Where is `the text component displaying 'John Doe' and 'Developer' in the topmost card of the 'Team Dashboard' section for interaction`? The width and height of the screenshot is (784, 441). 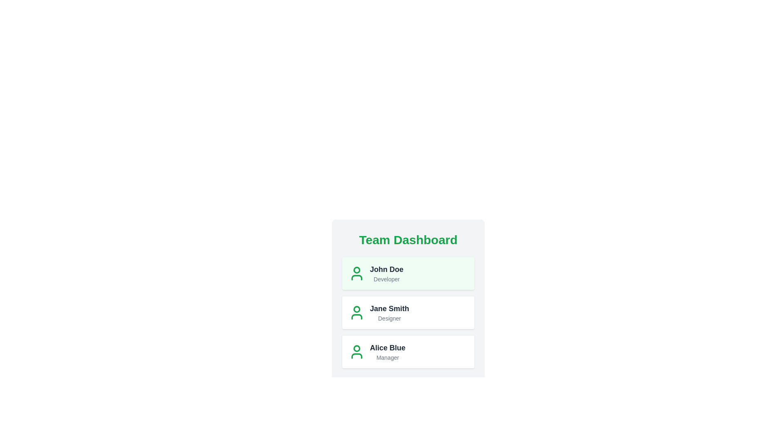
the text component displaying 'John Doe' and 'Developer' in the topmost card of the 'Team Dashboard' section for interaction is located at coordinates (386, 274).